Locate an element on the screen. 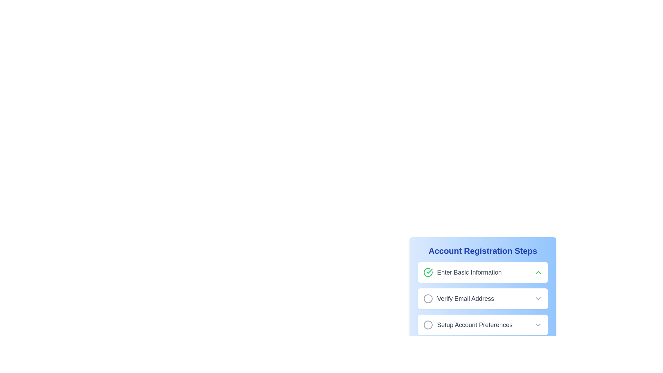  the small upward-pointing green chevron icon located to the right of the 'Enter Basic Information' text is located at coordinates (538, 272).